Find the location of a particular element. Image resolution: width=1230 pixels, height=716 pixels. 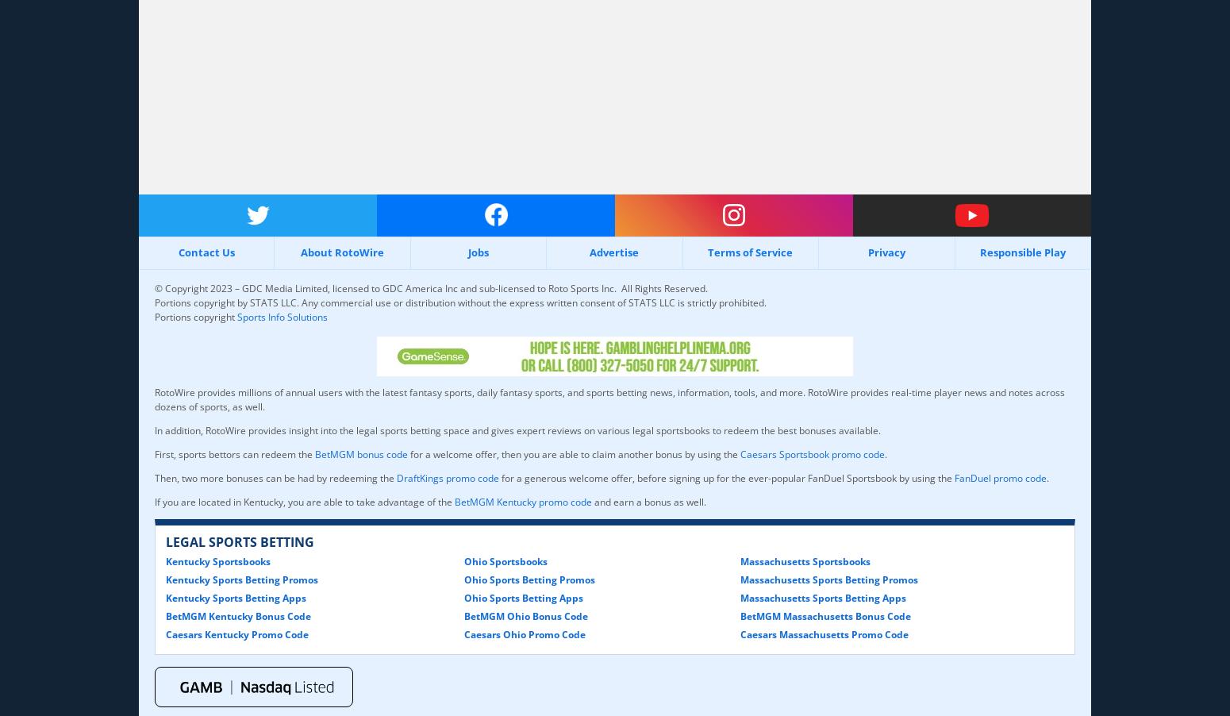

'Caesars Kentucky Promo Code' is located at coordinates (164, 633).